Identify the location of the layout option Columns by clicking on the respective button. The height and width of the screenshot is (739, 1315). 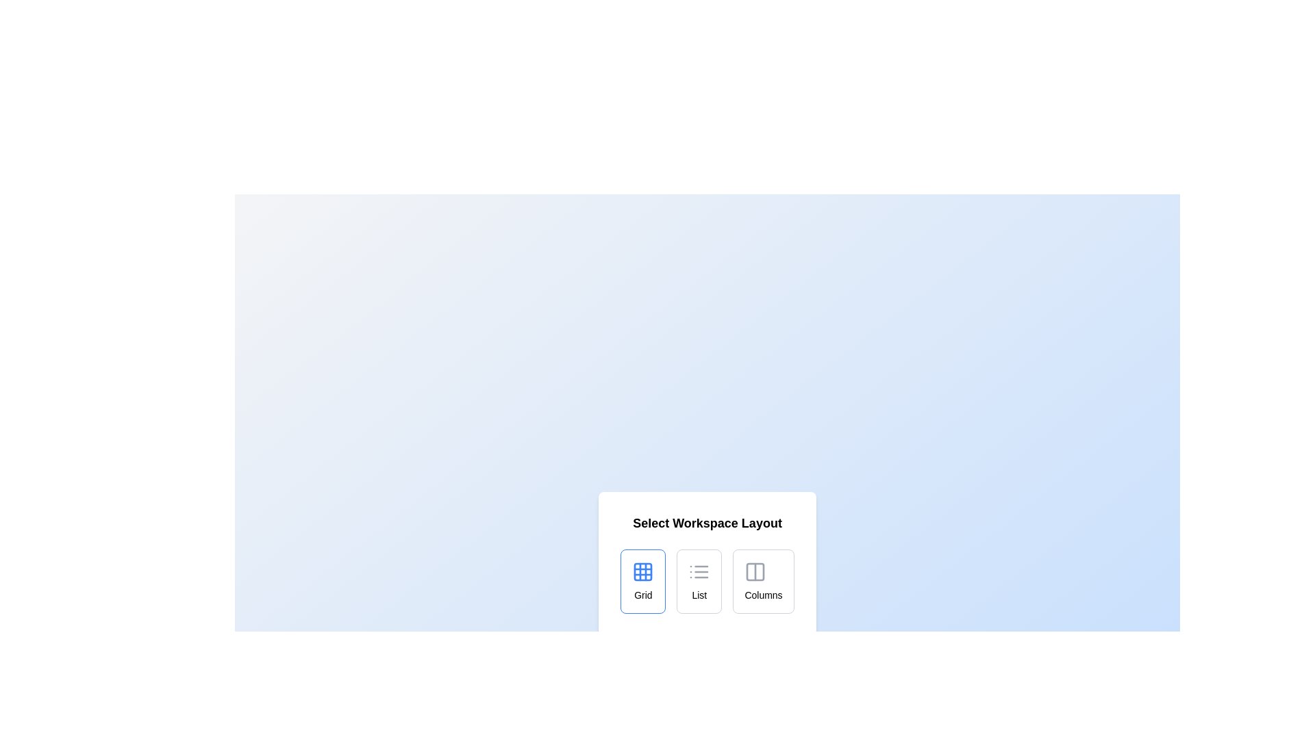
(762, 581).